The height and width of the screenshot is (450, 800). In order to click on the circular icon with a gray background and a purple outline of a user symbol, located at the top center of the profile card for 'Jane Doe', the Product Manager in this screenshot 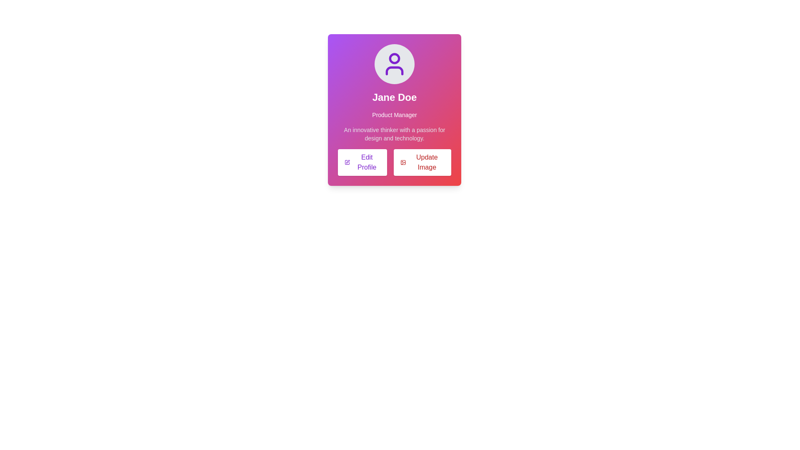, I will do `click(394, 64)`.